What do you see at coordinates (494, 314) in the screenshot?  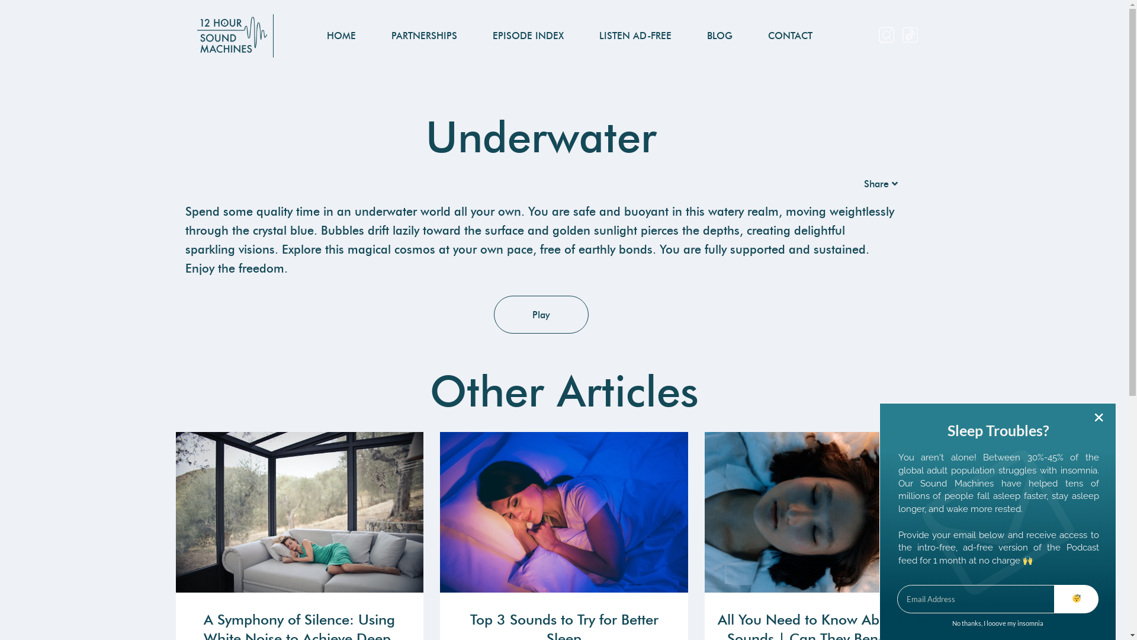 I see `'Play'` at bounding box center [494, 314].